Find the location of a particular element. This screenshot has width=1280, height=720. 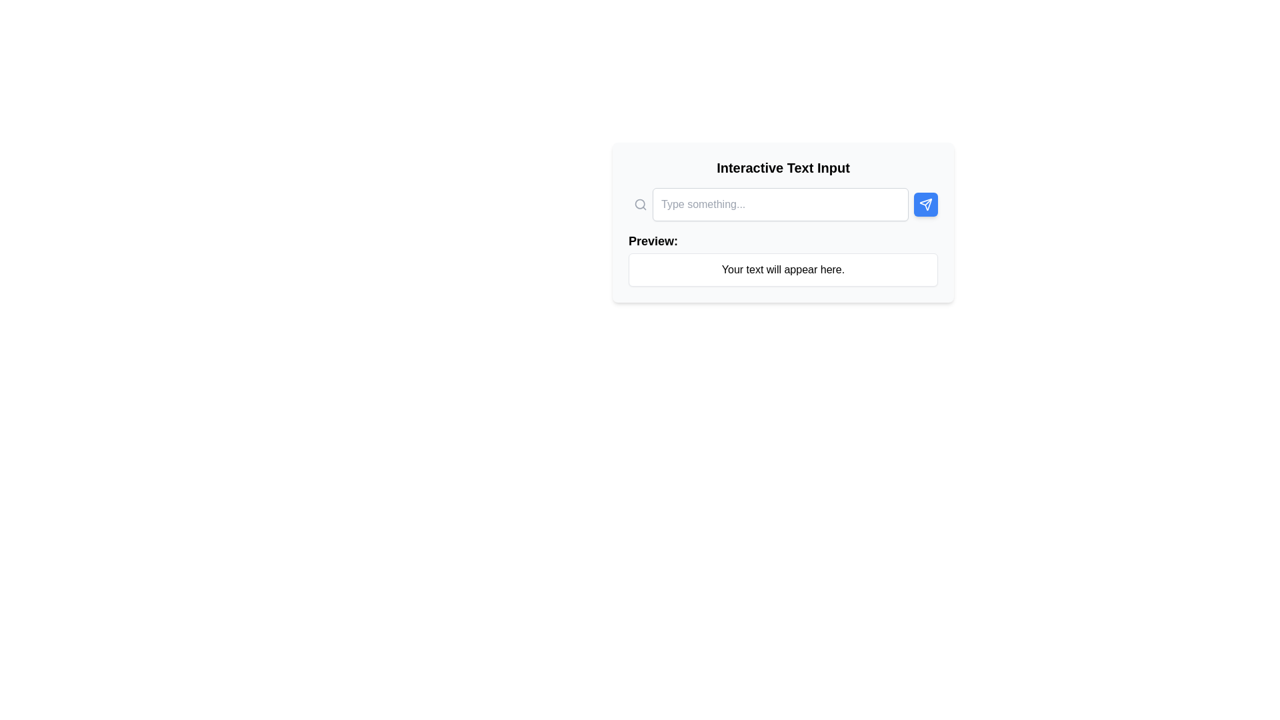

the paper plane icon located on the right side of the input field inside a blue button, which is centrally positioned within the interactive UI segment is located at coordinates (925, 205).